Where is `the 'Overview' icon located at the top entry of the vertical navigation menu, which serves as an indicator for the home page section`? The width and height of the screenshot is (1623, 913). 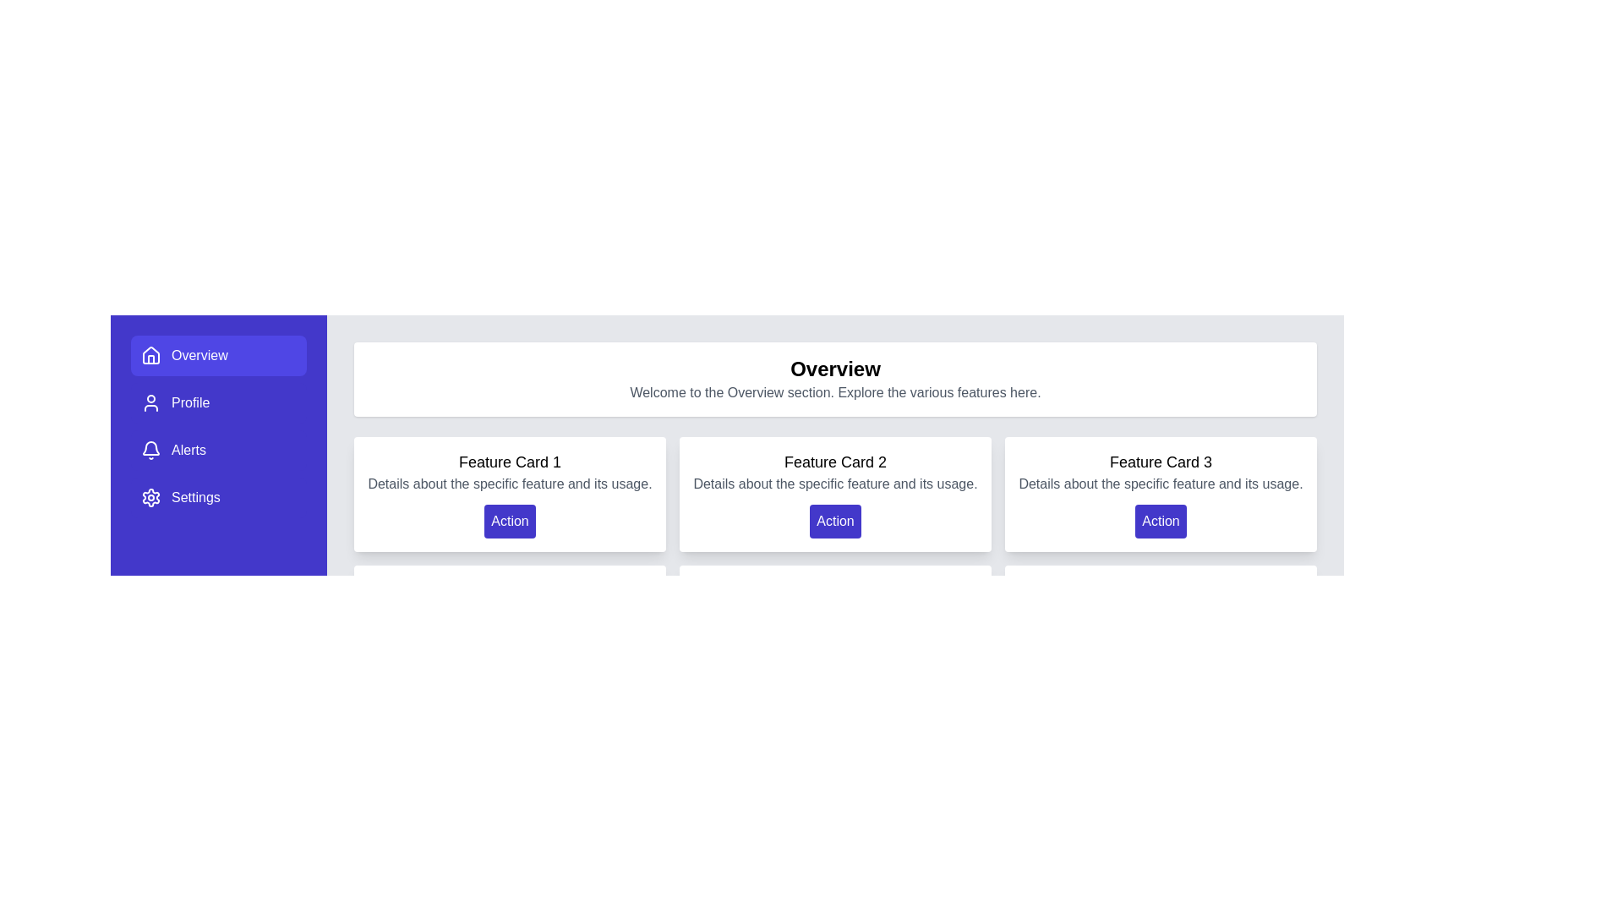 the 'Overview' icon located at the top entry of the vertical navigation menu, which serves as an indicator for the home page section is located at coordinates (150, 354).